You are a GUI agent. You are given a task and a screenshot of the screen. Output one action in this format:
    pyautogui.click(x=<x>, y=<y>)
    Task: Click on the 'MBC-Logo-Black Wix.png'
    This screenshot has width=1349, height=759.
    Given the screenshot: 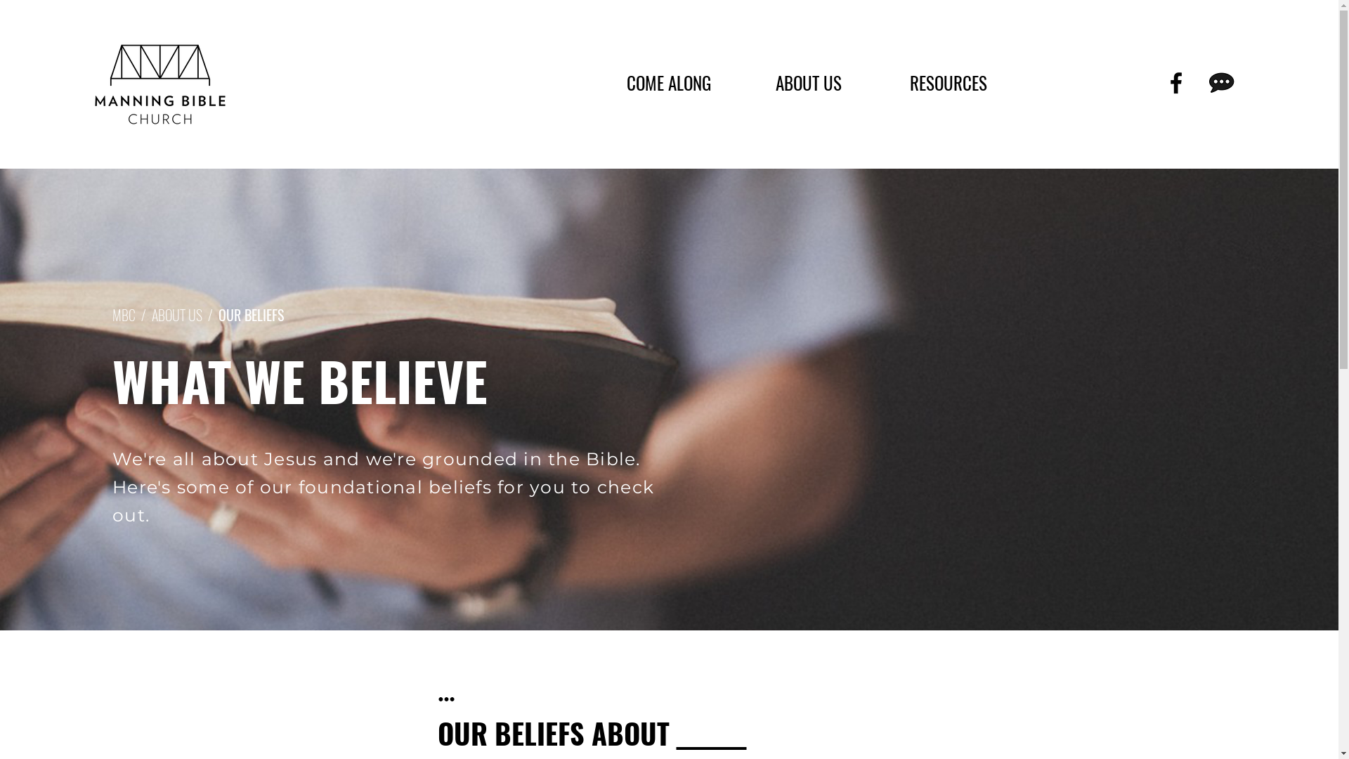 What is the action you would take?
    pyautogui.click(x=92, y=84)
    